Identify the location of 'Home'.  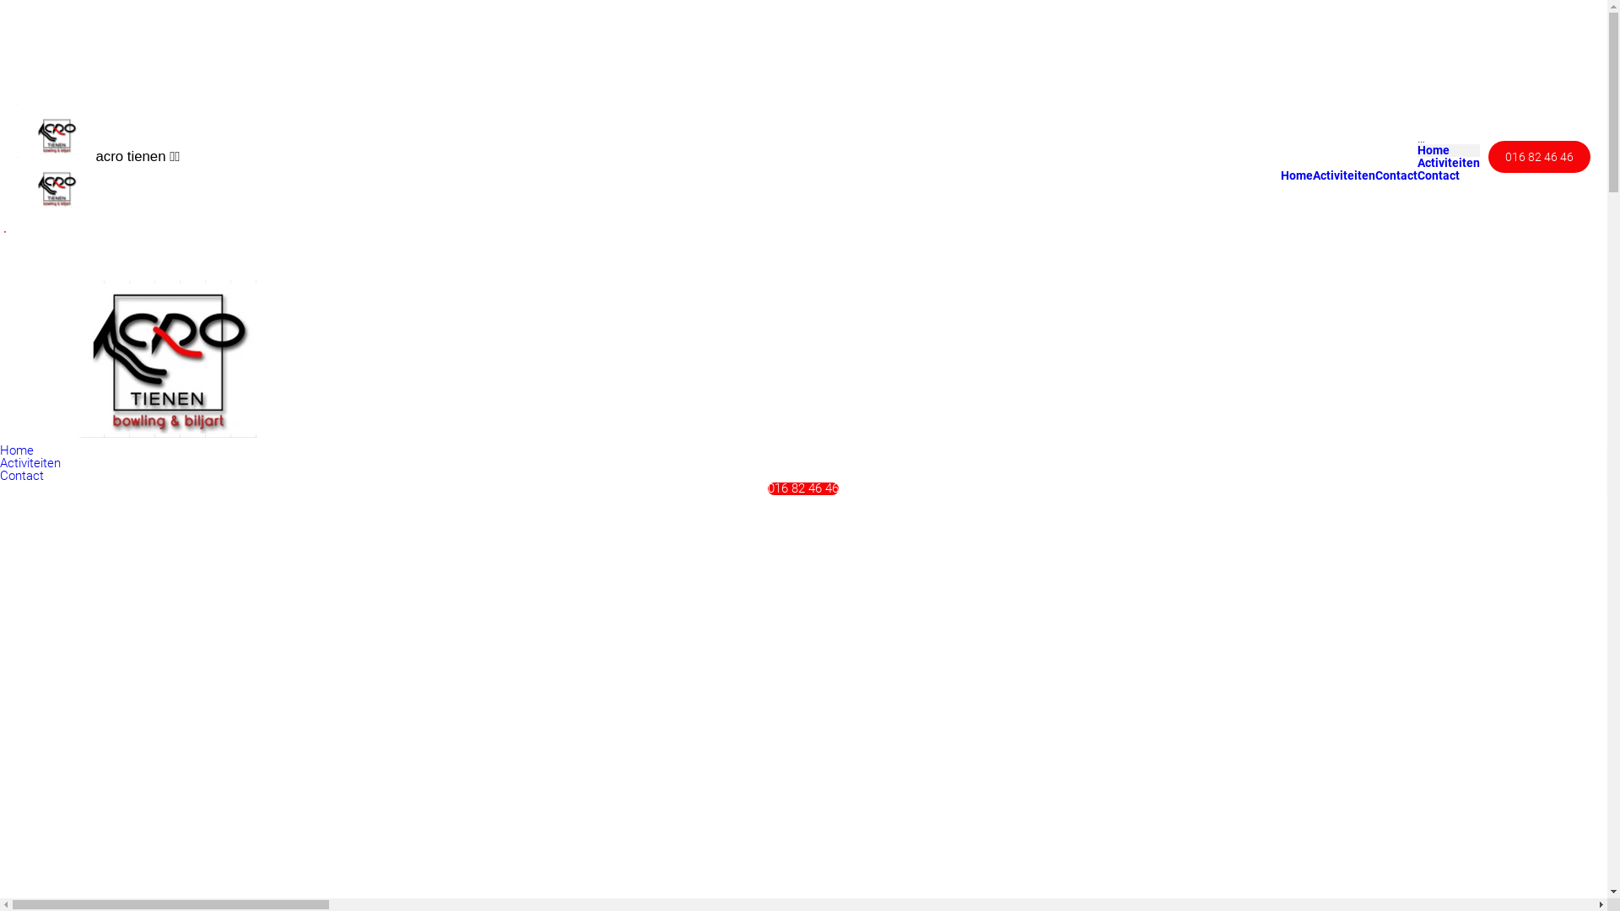
(1295, 175).